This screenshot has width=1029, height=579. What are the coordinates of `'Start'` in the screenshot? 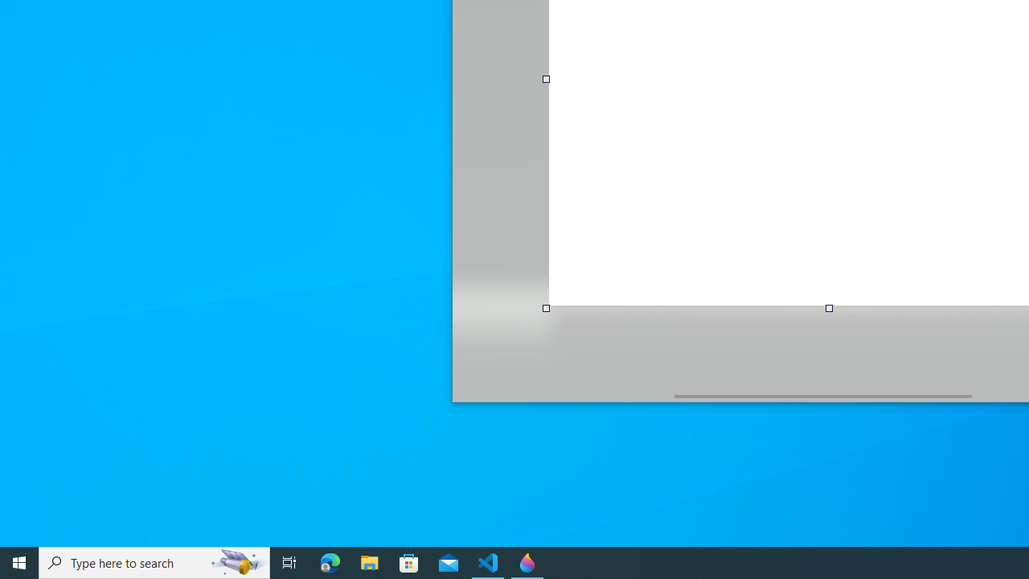 It's located at (19, 561).